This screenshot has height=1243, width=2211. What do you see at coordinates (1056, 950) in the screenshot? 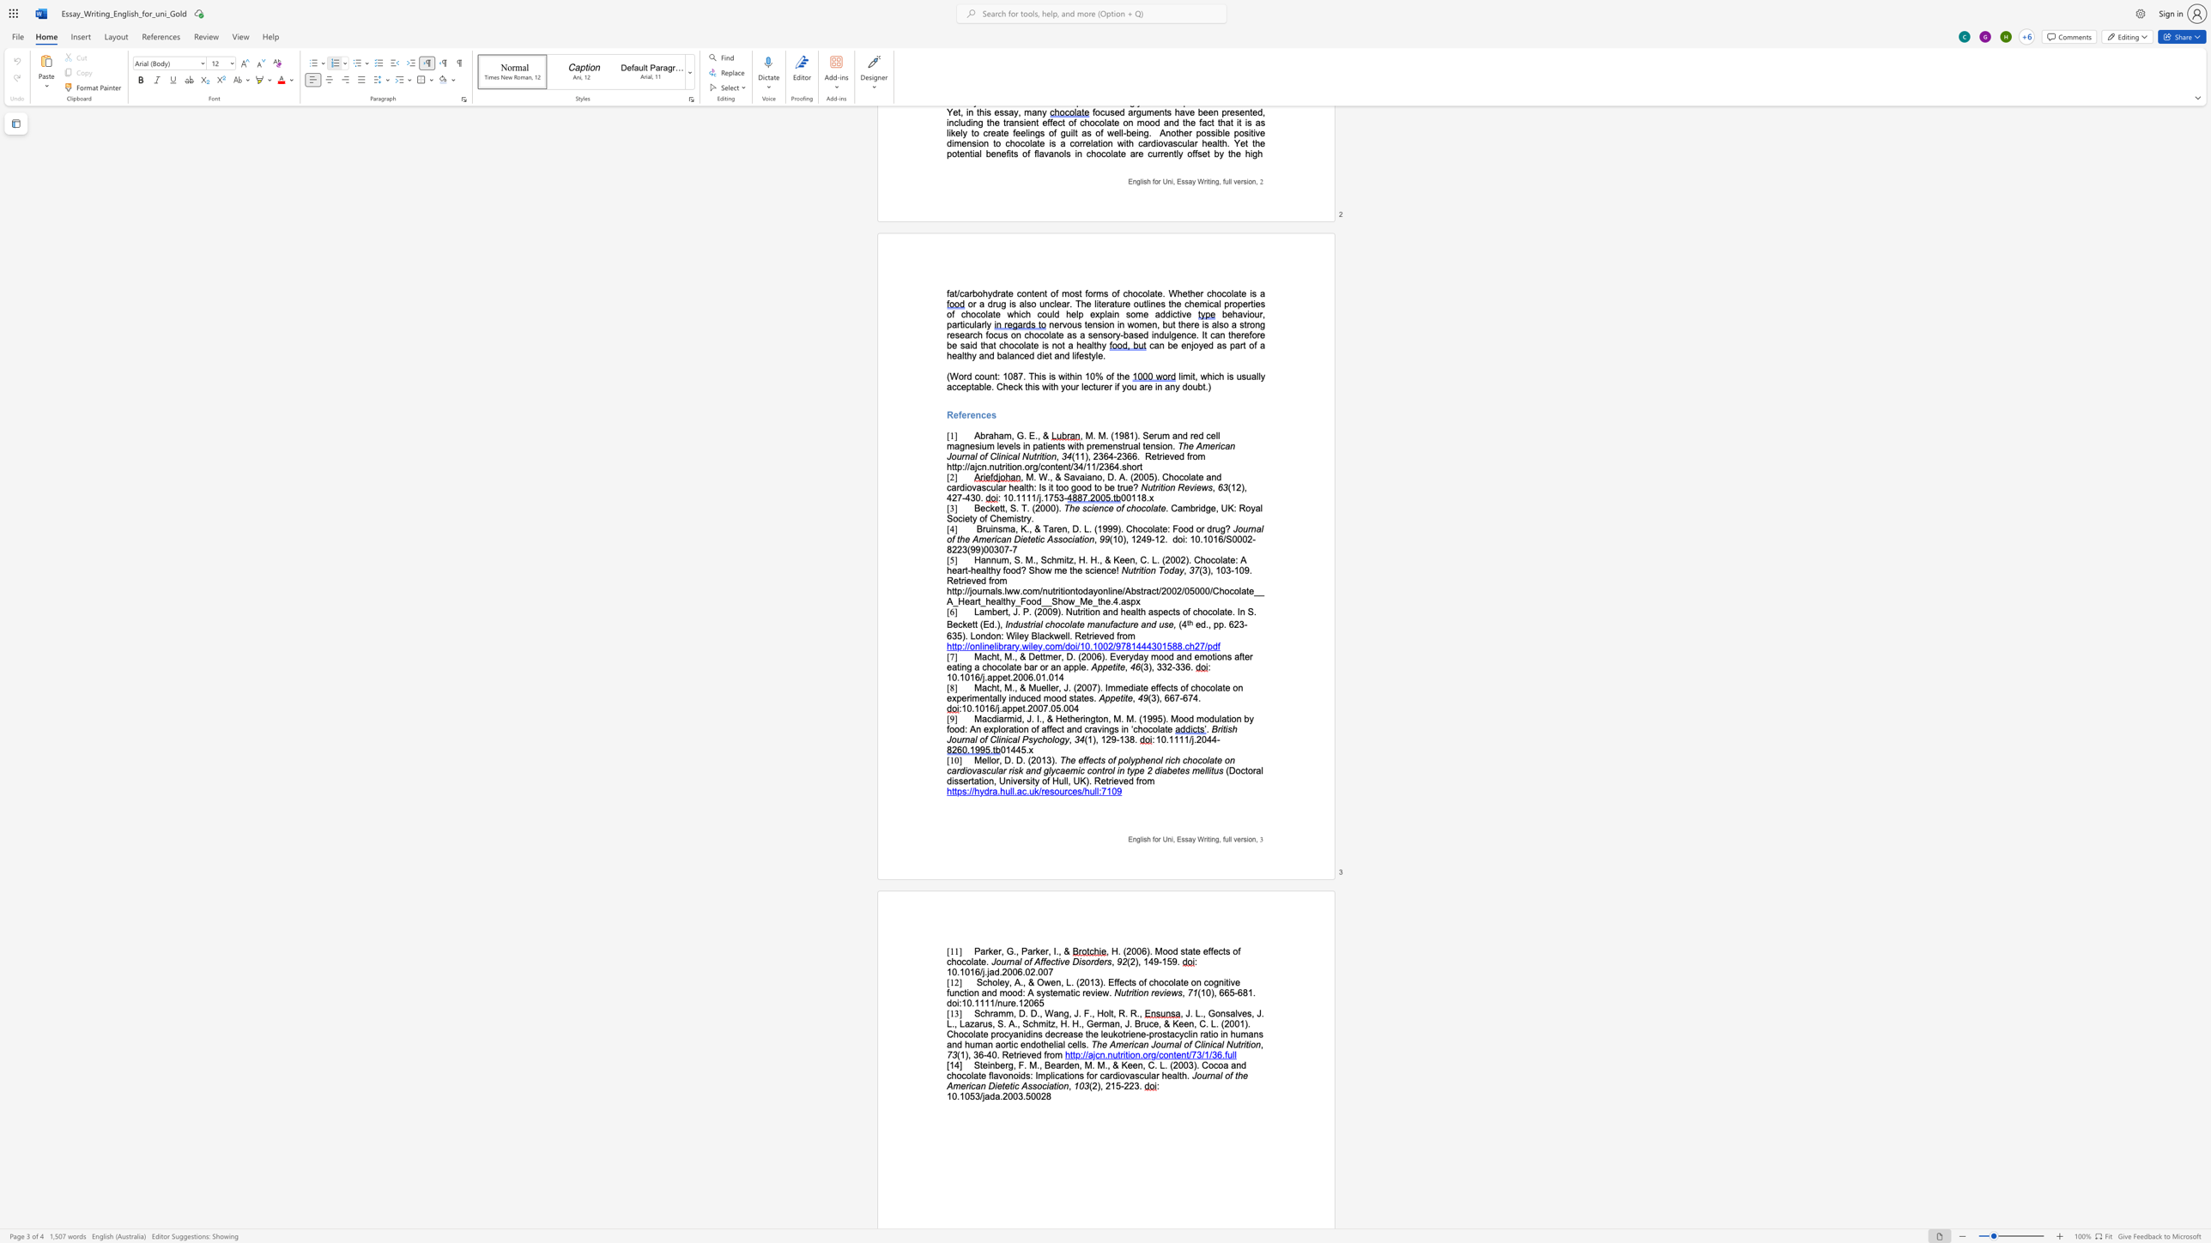
I see `the space between the continuous character "I" and "." in the text` at bounding box center [1056, 950].